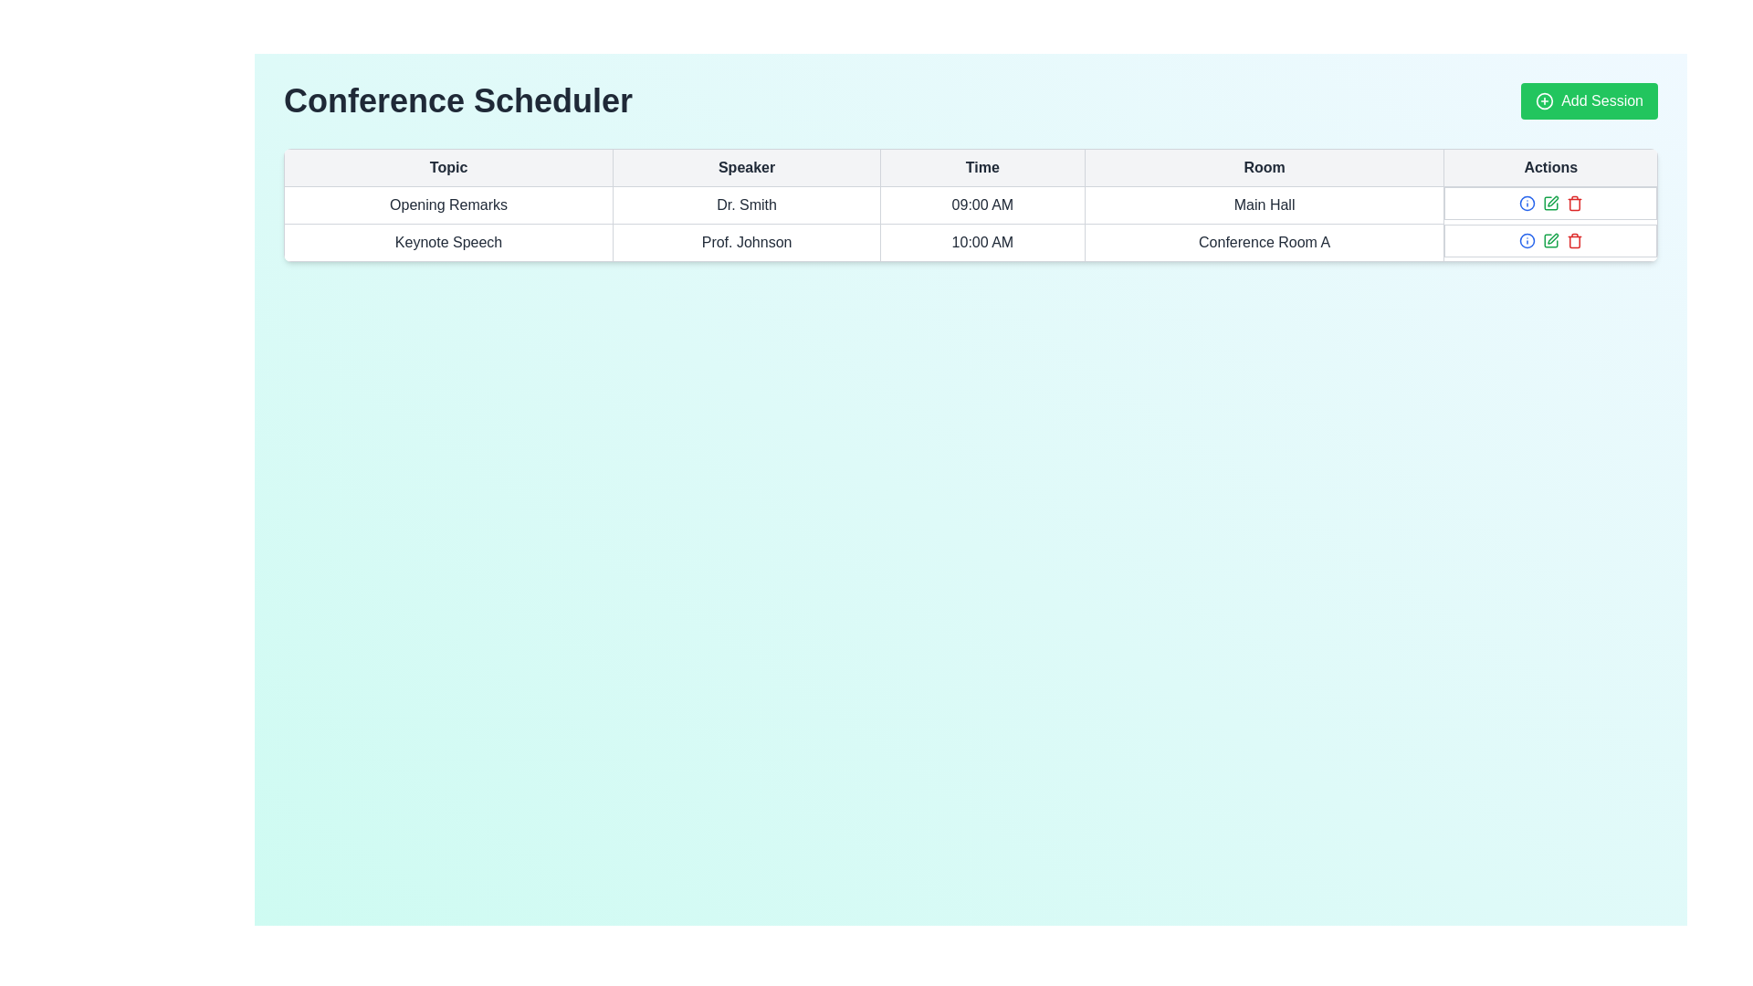  I want to click on the Table Header labeled 'Actions', which is the last header in the row, featuring a black font on a light gray background, so click(1549, 168).